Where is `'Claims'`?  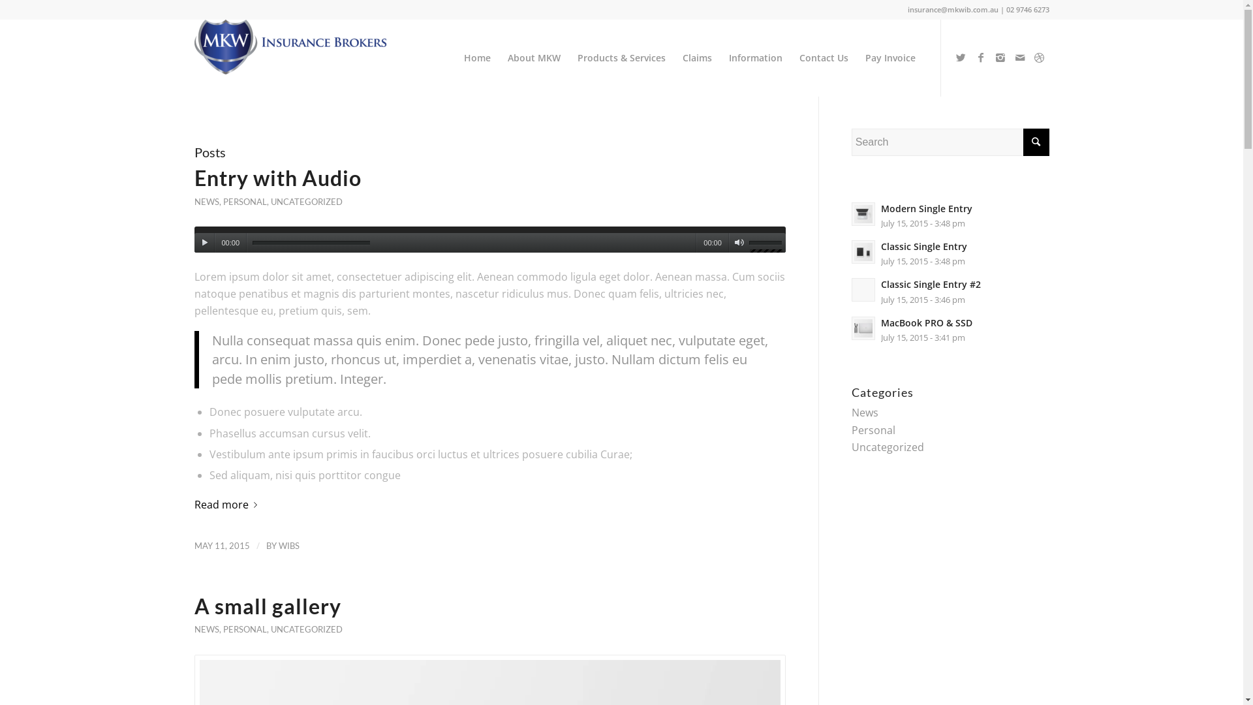
'Claims' is located at coordinates (696, 57).